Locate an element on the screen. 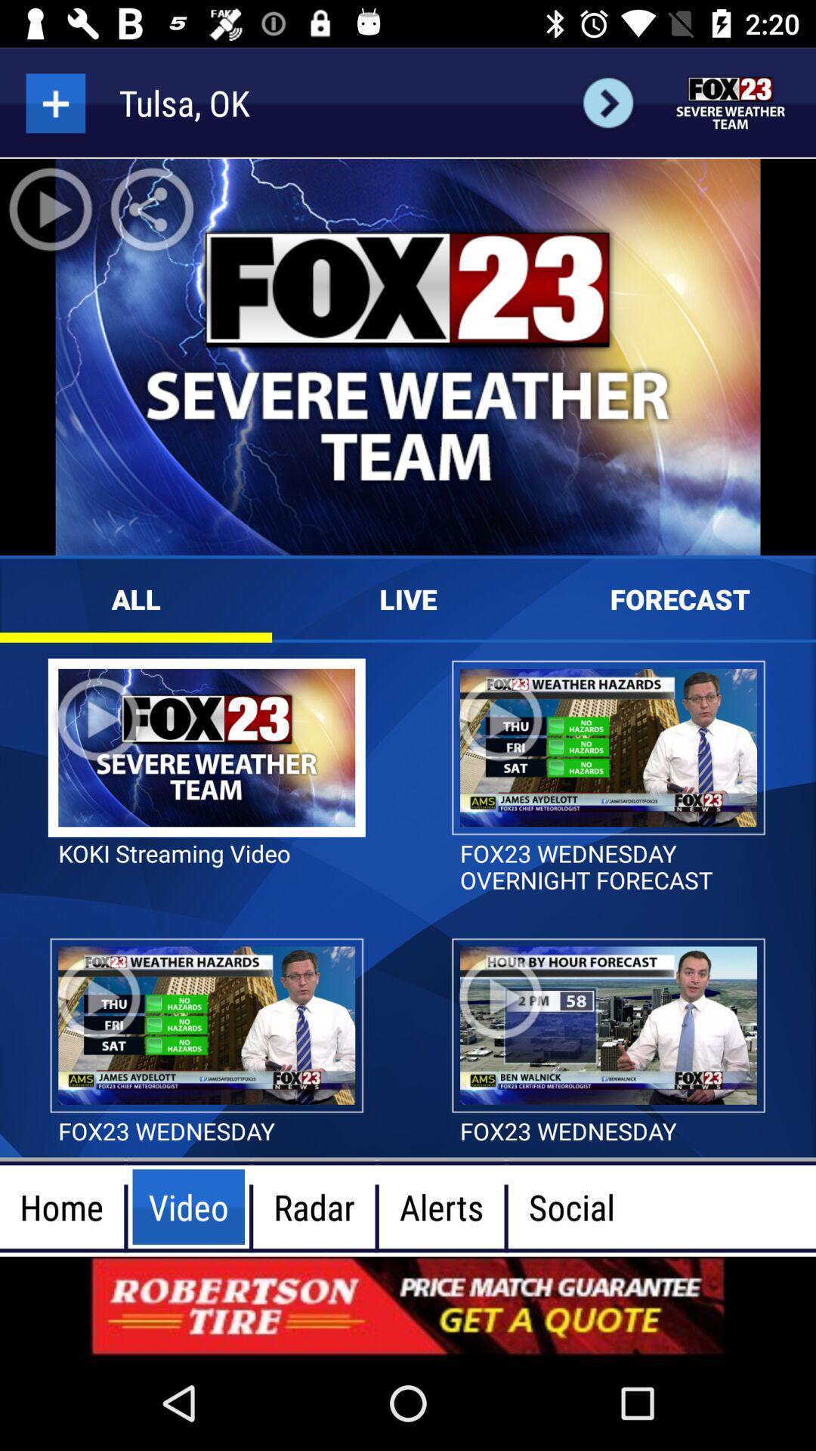 This screenshot has height=1451, width=816. next user is located at coordinates (607, 102).